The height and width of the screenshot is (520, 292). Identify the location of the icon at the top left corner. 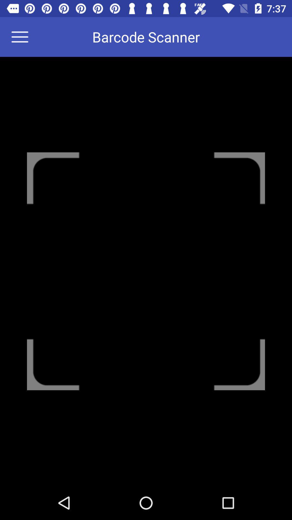
(23, 37).